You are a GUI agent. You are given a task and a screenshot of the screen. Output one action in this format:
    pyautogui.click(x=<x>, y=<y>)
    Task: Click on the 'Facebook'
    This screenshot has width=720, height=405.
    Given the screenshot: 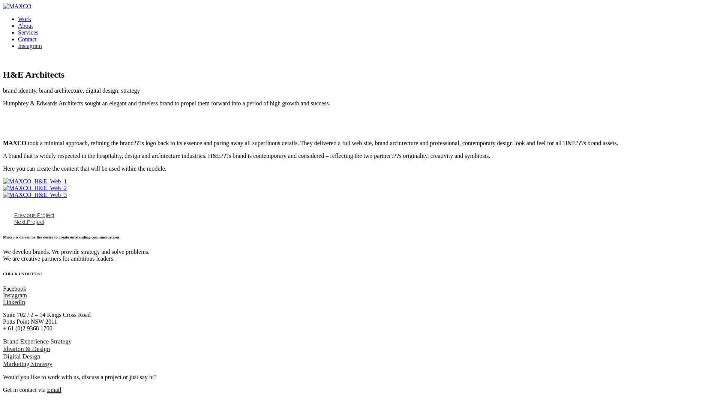 What is the action you would take?
    pyautogui.click(x=14, y=288)
    